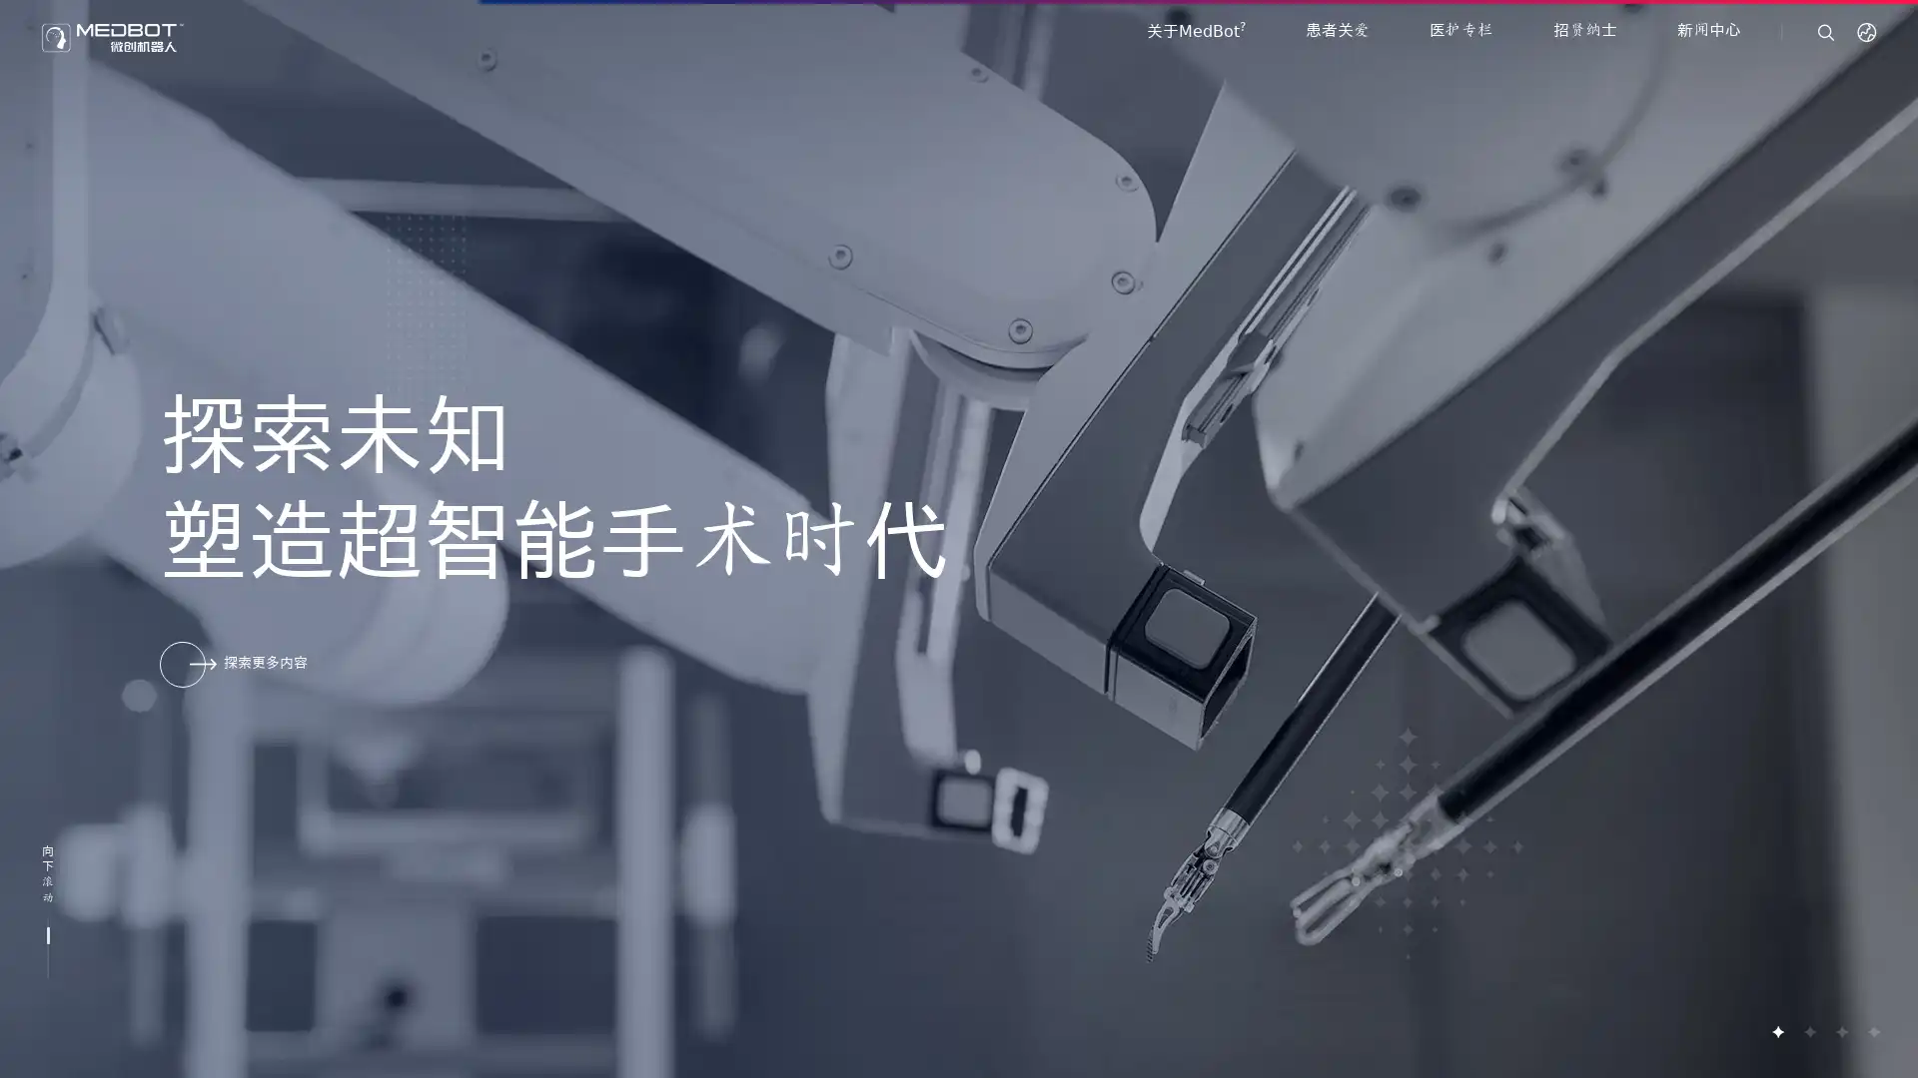 The image size is (1918, 1078). What do you see at coordinates (1872, 1031) in the screenshot?
I see `Go to slide 4` at bounding box center [1872, 1031].